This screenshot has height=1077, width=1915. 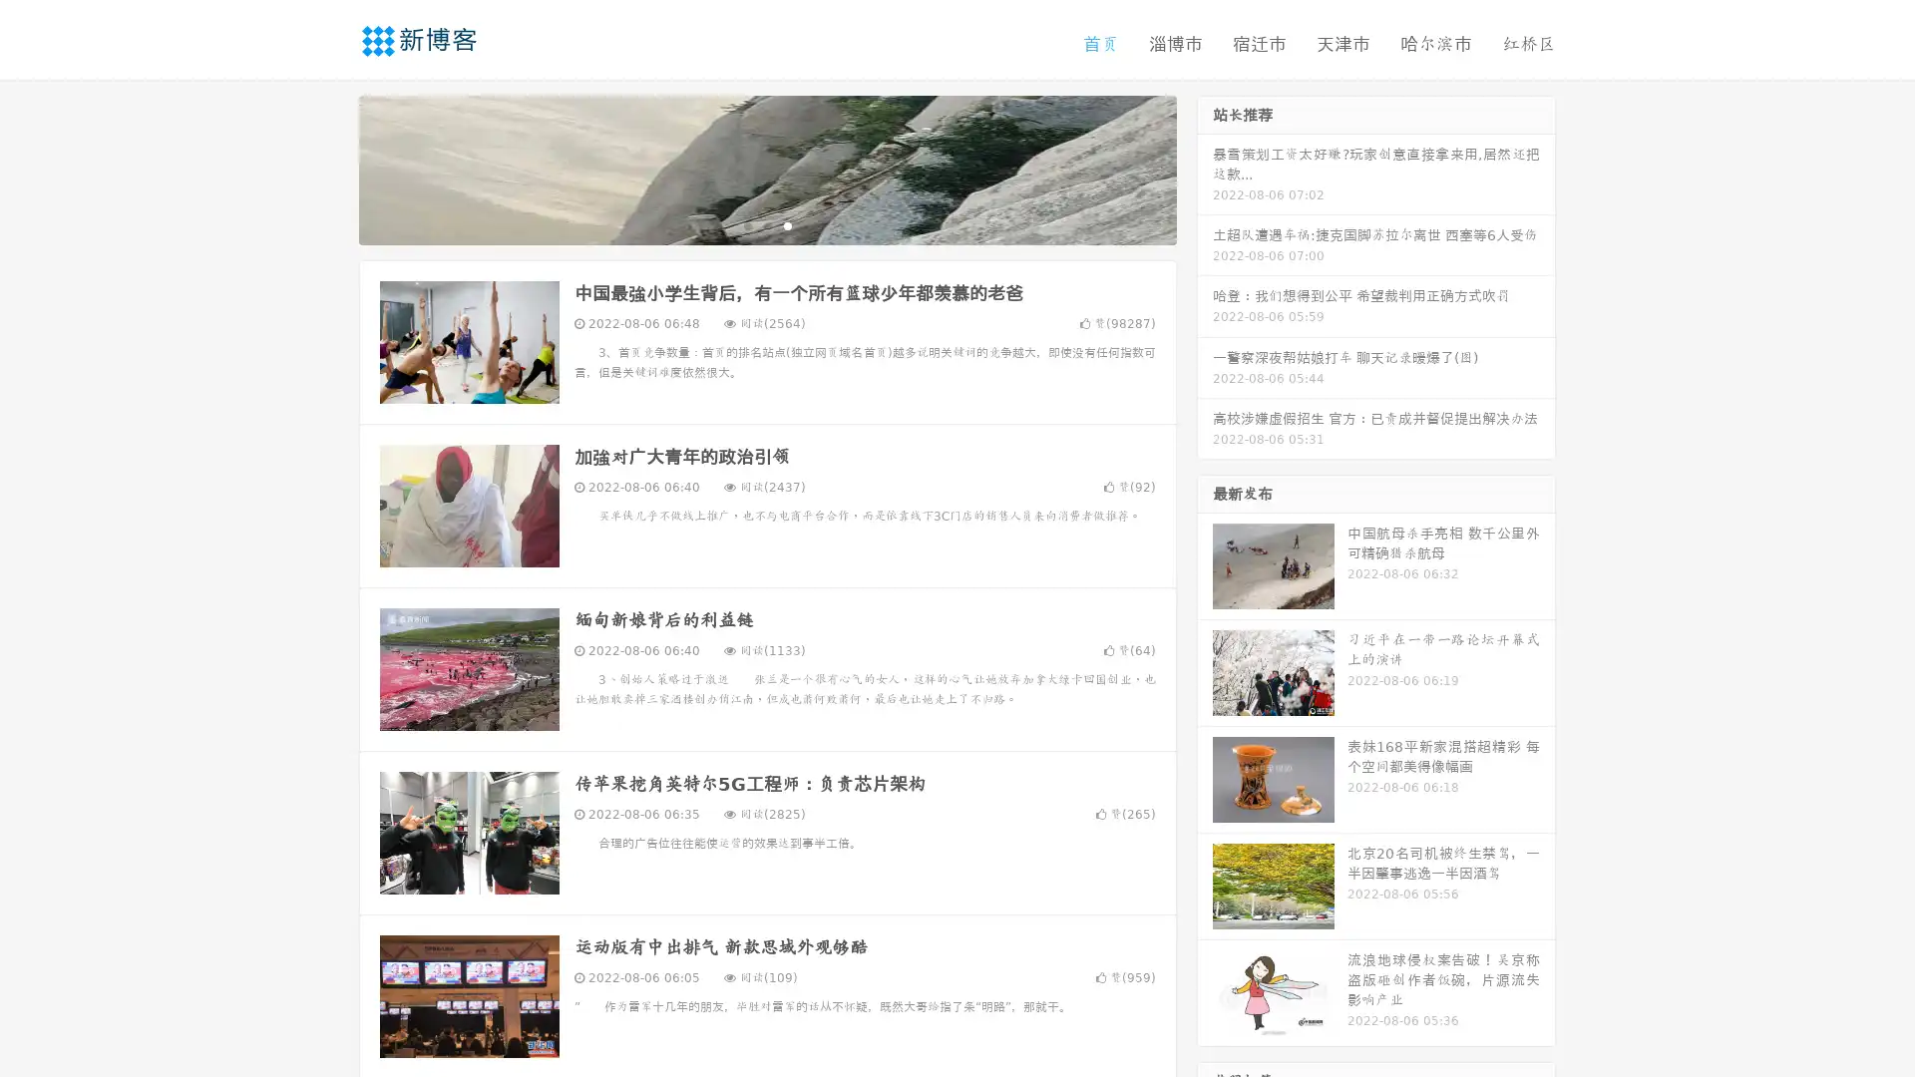 What do you see at coordinates (329, 168) in the screenshot?
I see `Previous slide` at bounding box center [329, 168].